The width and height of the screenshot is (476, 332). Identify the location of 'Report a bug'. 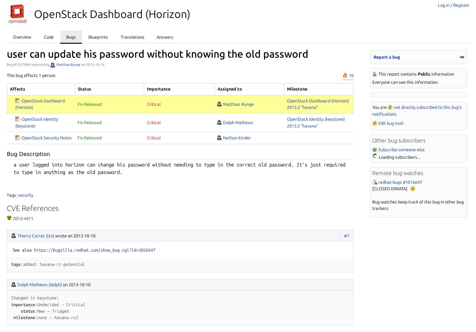
(387, 57).